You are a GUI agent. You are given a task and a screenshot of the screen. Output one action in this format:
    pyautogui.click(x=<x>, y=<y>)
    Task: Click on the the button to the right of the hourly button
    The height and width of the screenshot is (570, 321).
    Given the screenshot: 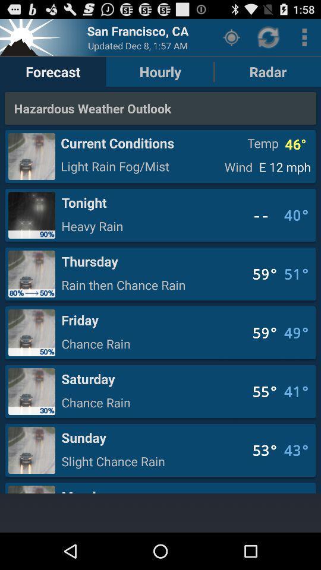 What is the action you would take?
    pyautogui.click(x=231, y=37)
    